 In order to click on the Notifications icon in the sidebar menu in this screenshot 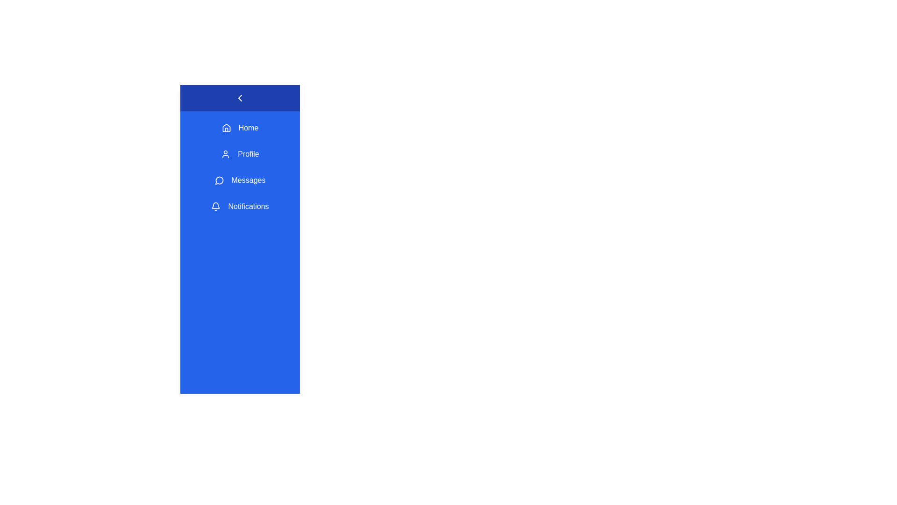, I will do `click(215, 206)`.